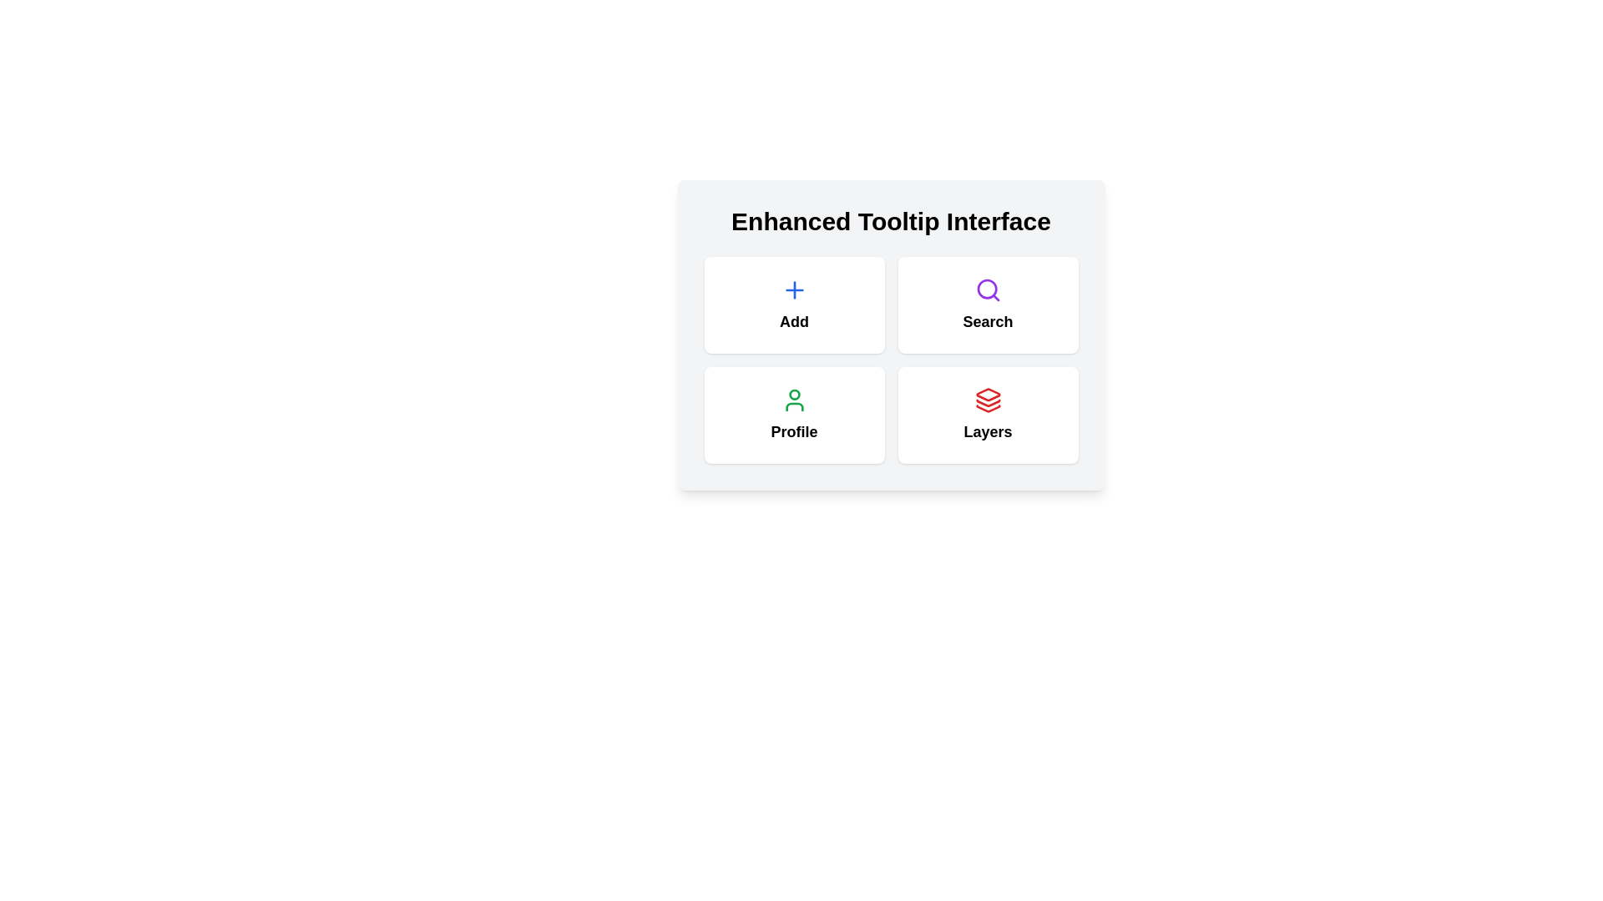 The image size is (1603, 901). I want to click on the circular shape representing the head of the user icon within the 'Profile' button located in the lower-left corner of the interface, so click(793, 395).